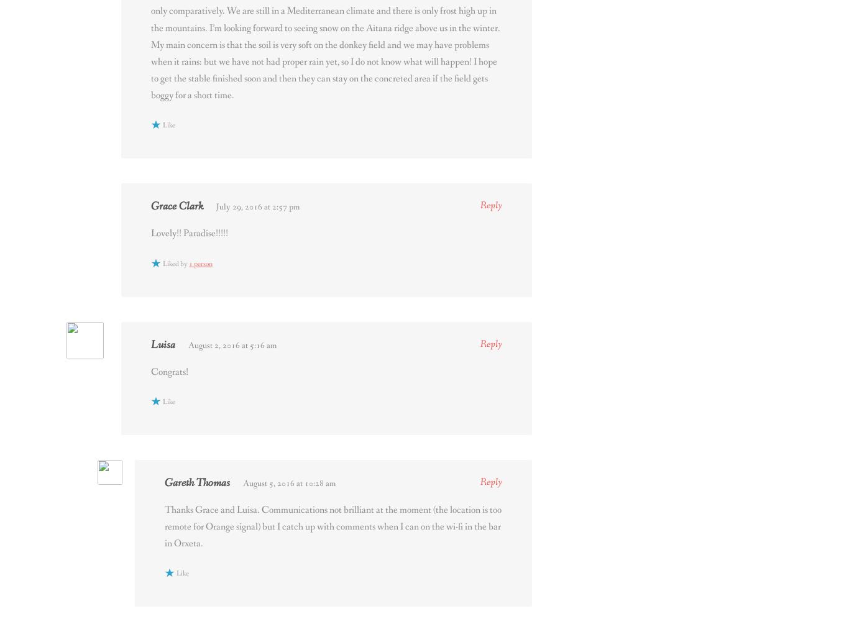  What do you see at coordinates (197, 482) in the screenshot?
I see `'Gareth Thomas'` at bounding box center [197, 482].